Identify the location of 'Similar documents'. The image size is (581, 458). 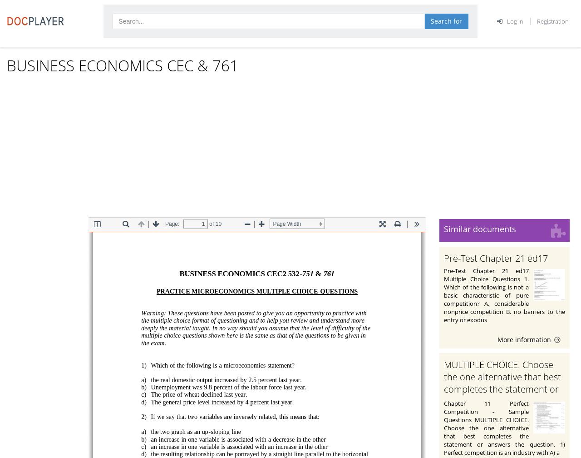
(479, 229).